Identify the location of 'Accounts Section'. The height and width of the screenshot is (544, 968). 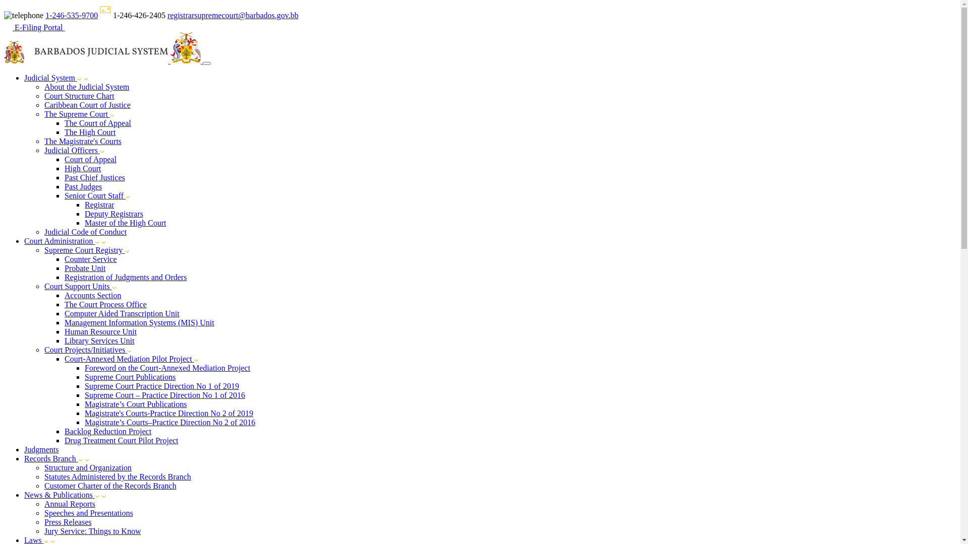
(92, 295).